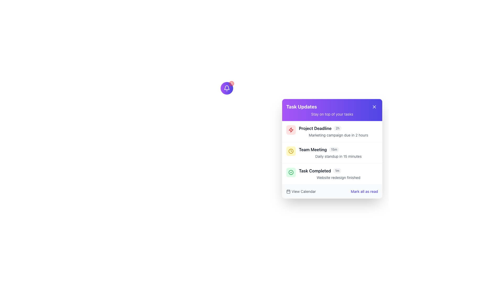 Image resolution: width=503 pixels, height=283 pixels. What do you see at coordinates (338, 149) in the screenshot?
I see `the second notification entry in the 'Task Updates' section` at bounding box center [338, 149].